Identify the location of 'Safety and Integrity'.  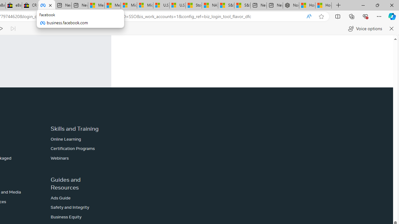
(70, 207).